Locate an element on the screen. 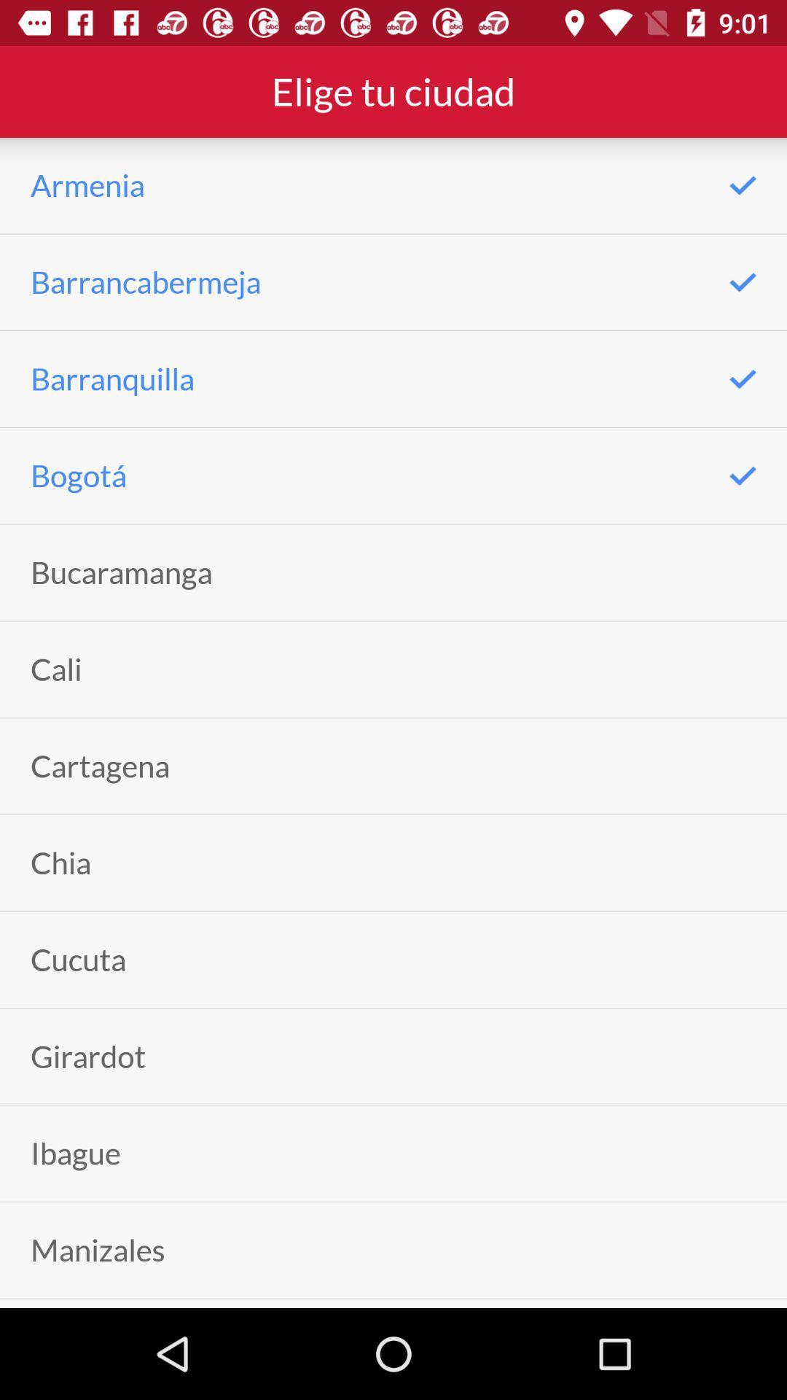  barrancabermeja item is located at coordinates (146, 282).